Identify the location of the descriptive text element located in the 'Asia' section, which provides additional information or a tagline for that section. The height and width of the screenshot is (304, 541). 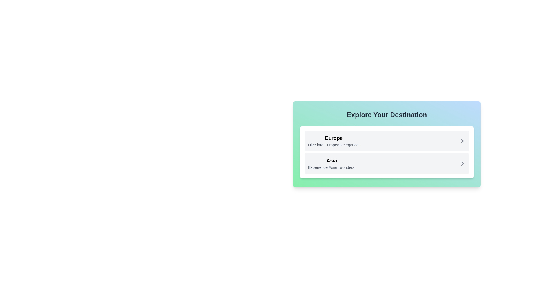
(332, 167).